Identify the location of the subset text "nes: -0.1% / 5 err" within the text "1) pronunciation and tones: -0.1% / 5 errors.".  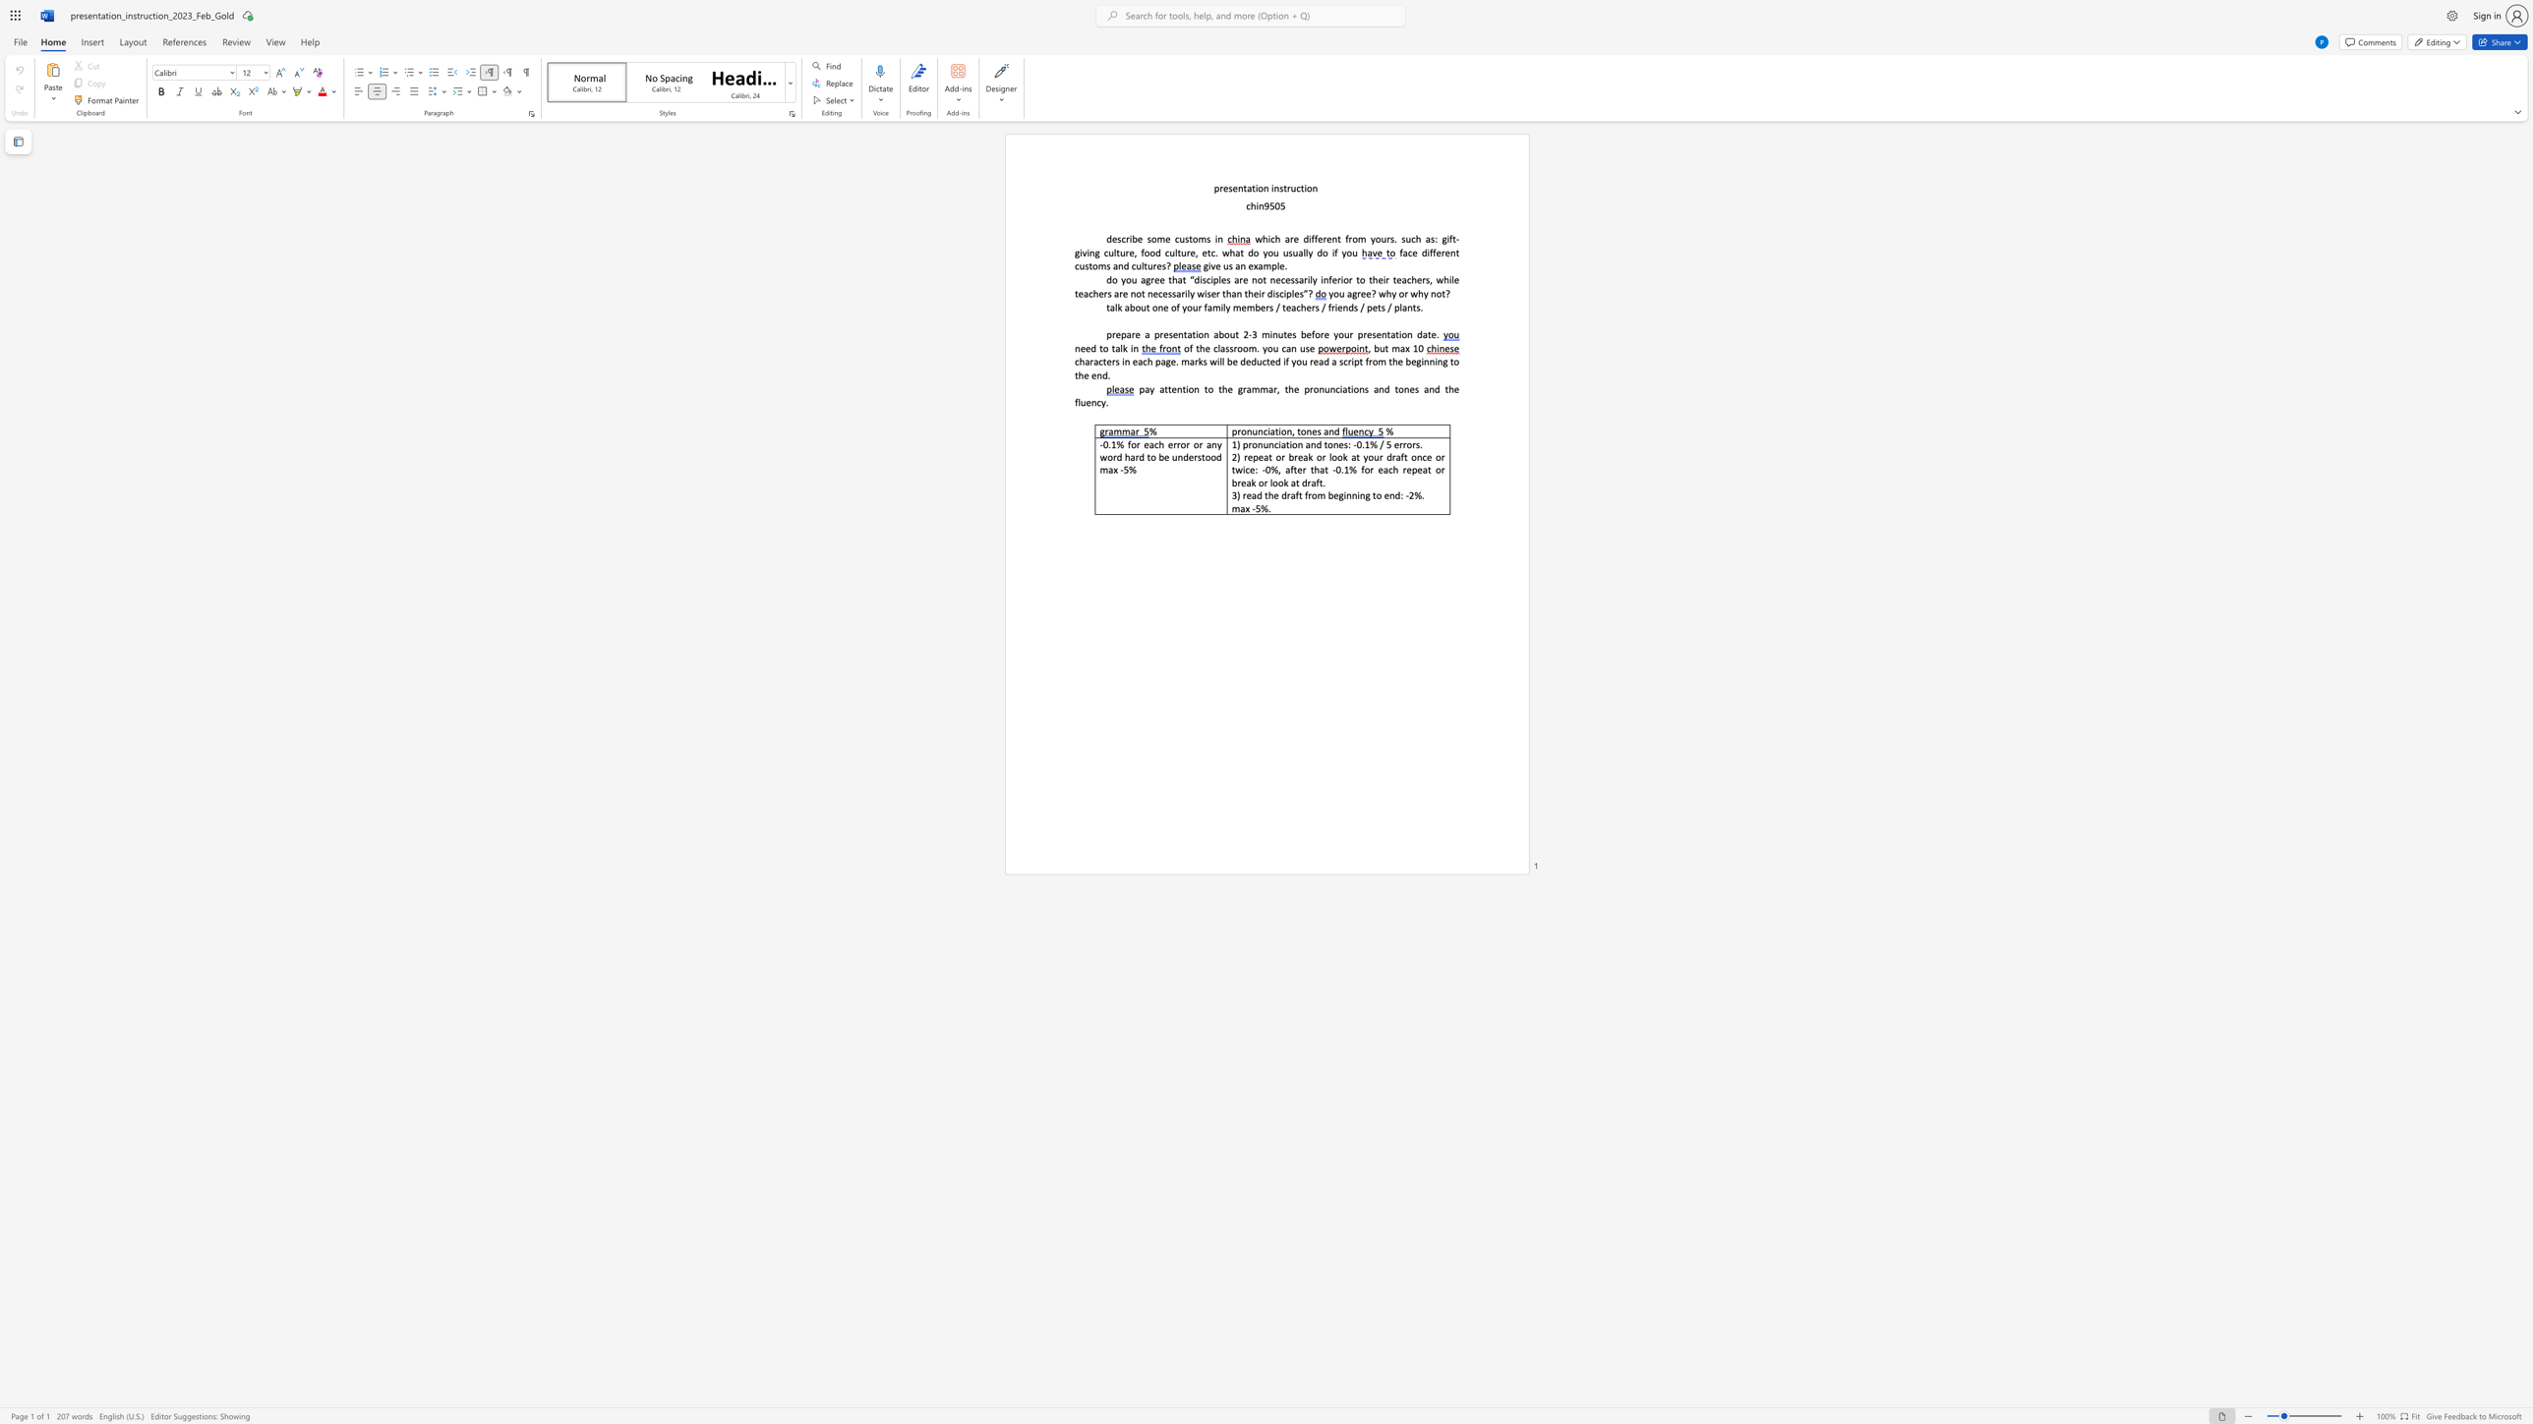
(1331, 444).